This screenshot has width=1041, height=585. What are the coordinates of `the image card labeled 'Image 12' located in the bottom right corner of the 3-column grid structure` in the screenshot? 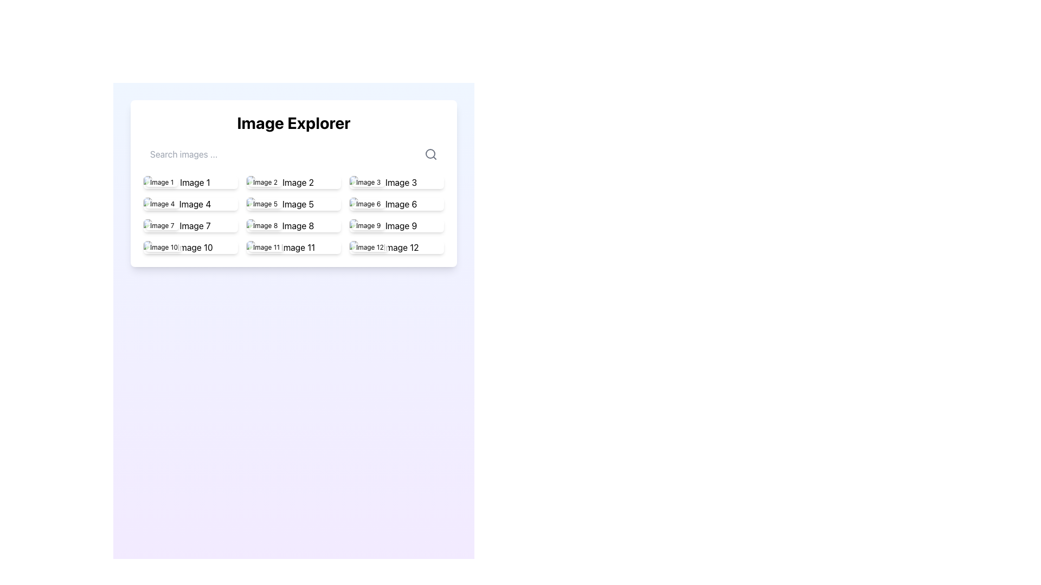 It's located at (396, 247).